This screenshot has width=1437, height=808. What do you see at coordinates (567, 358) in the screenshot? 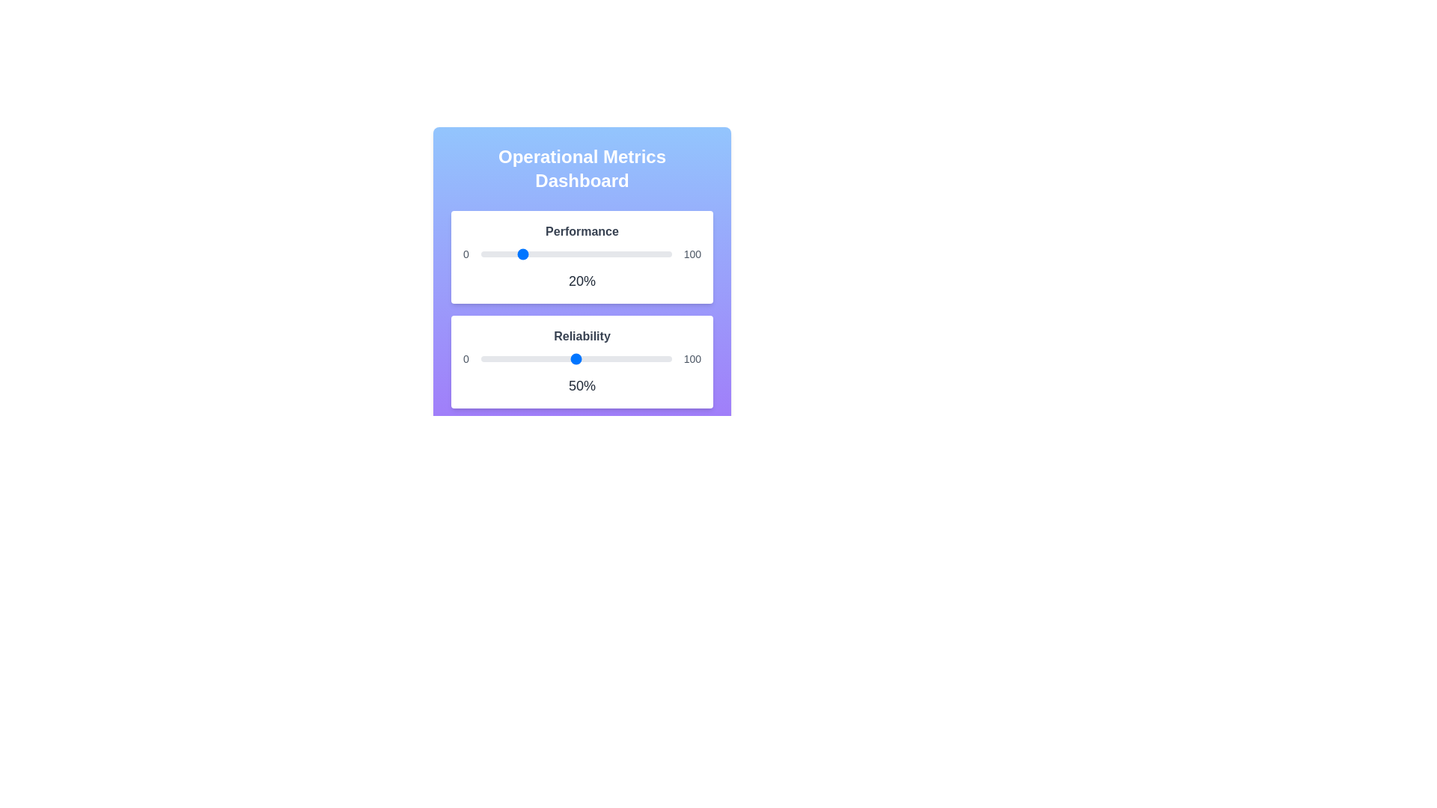
I see `the reliability slider` at bounding box center [567, 358].